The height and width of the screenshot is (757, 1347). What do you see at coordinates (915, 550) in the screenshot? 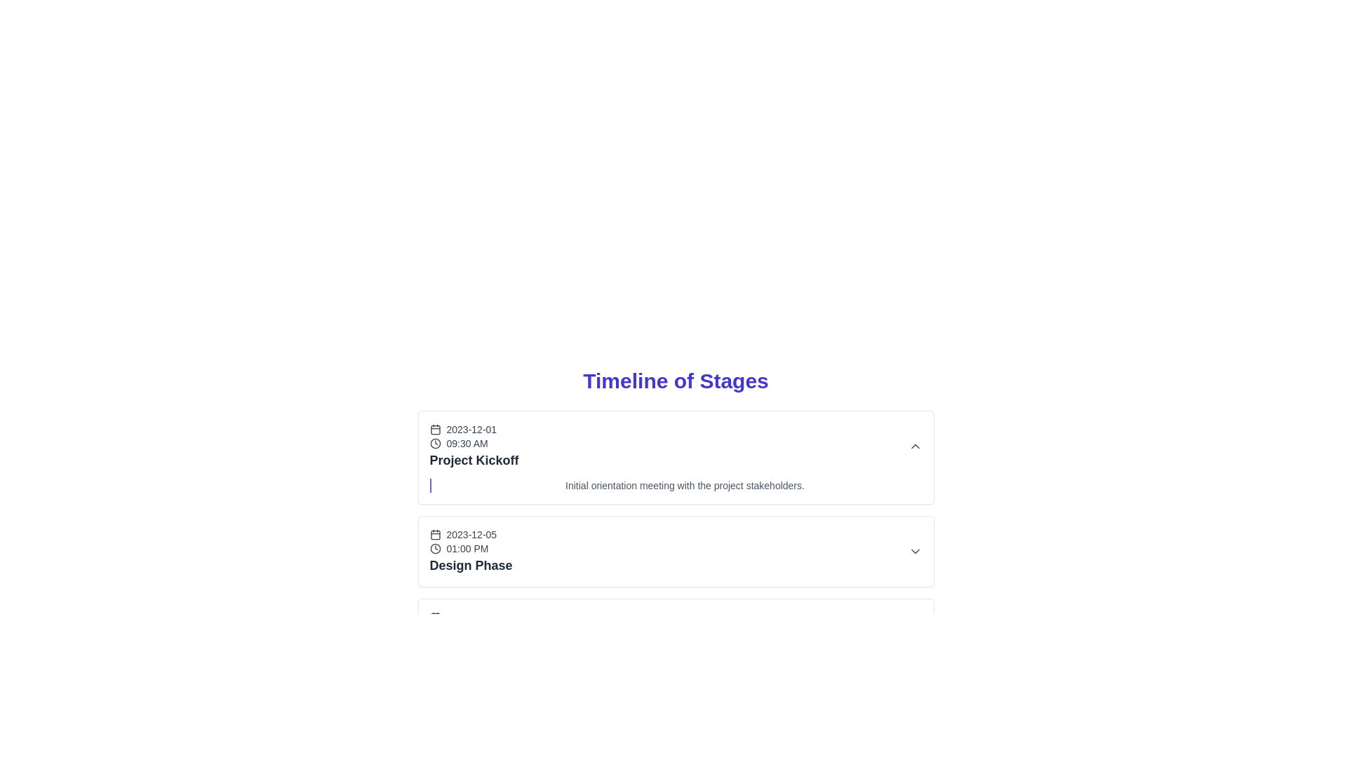
I see `the chevron icon at the end of the row labeled '2023-12-05 01:00 PM Design Phase'` at bounding box center [915, 550].